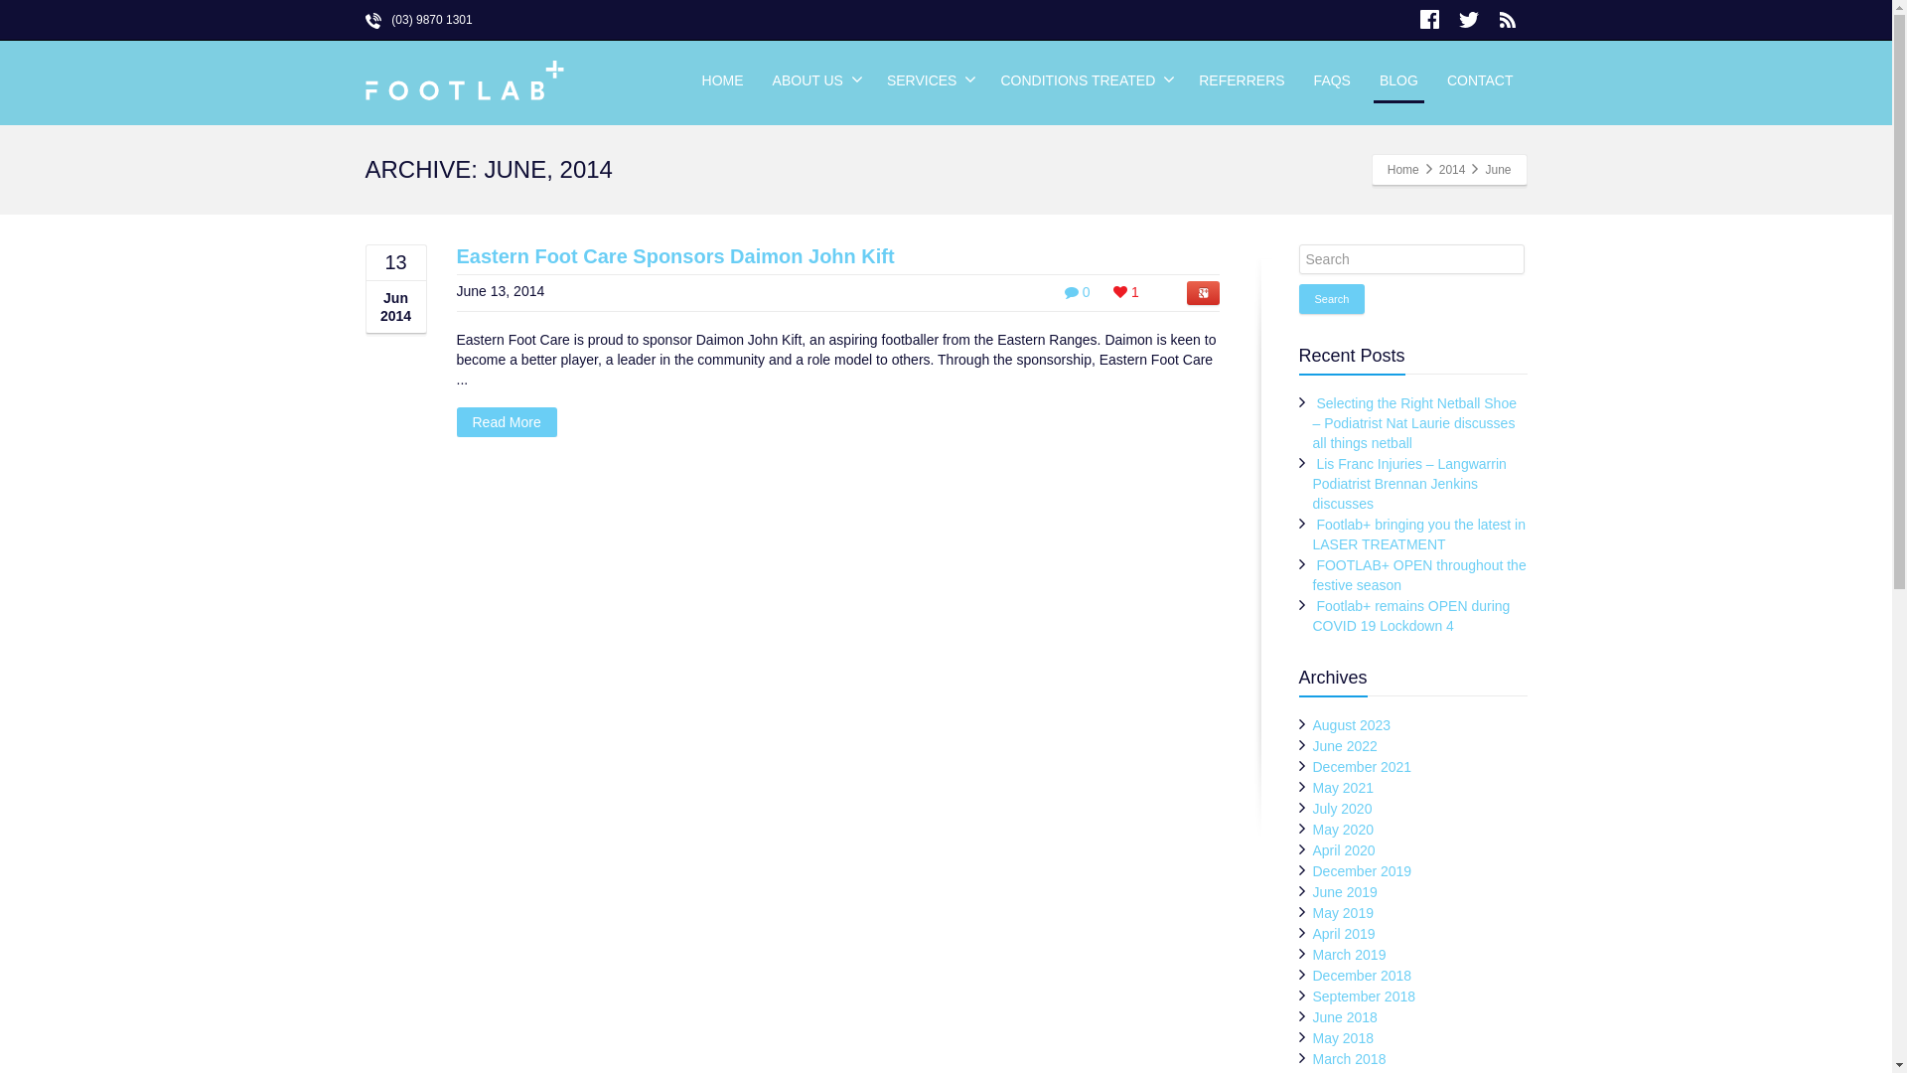  I want to click on 'HOME', so click(722, 79).